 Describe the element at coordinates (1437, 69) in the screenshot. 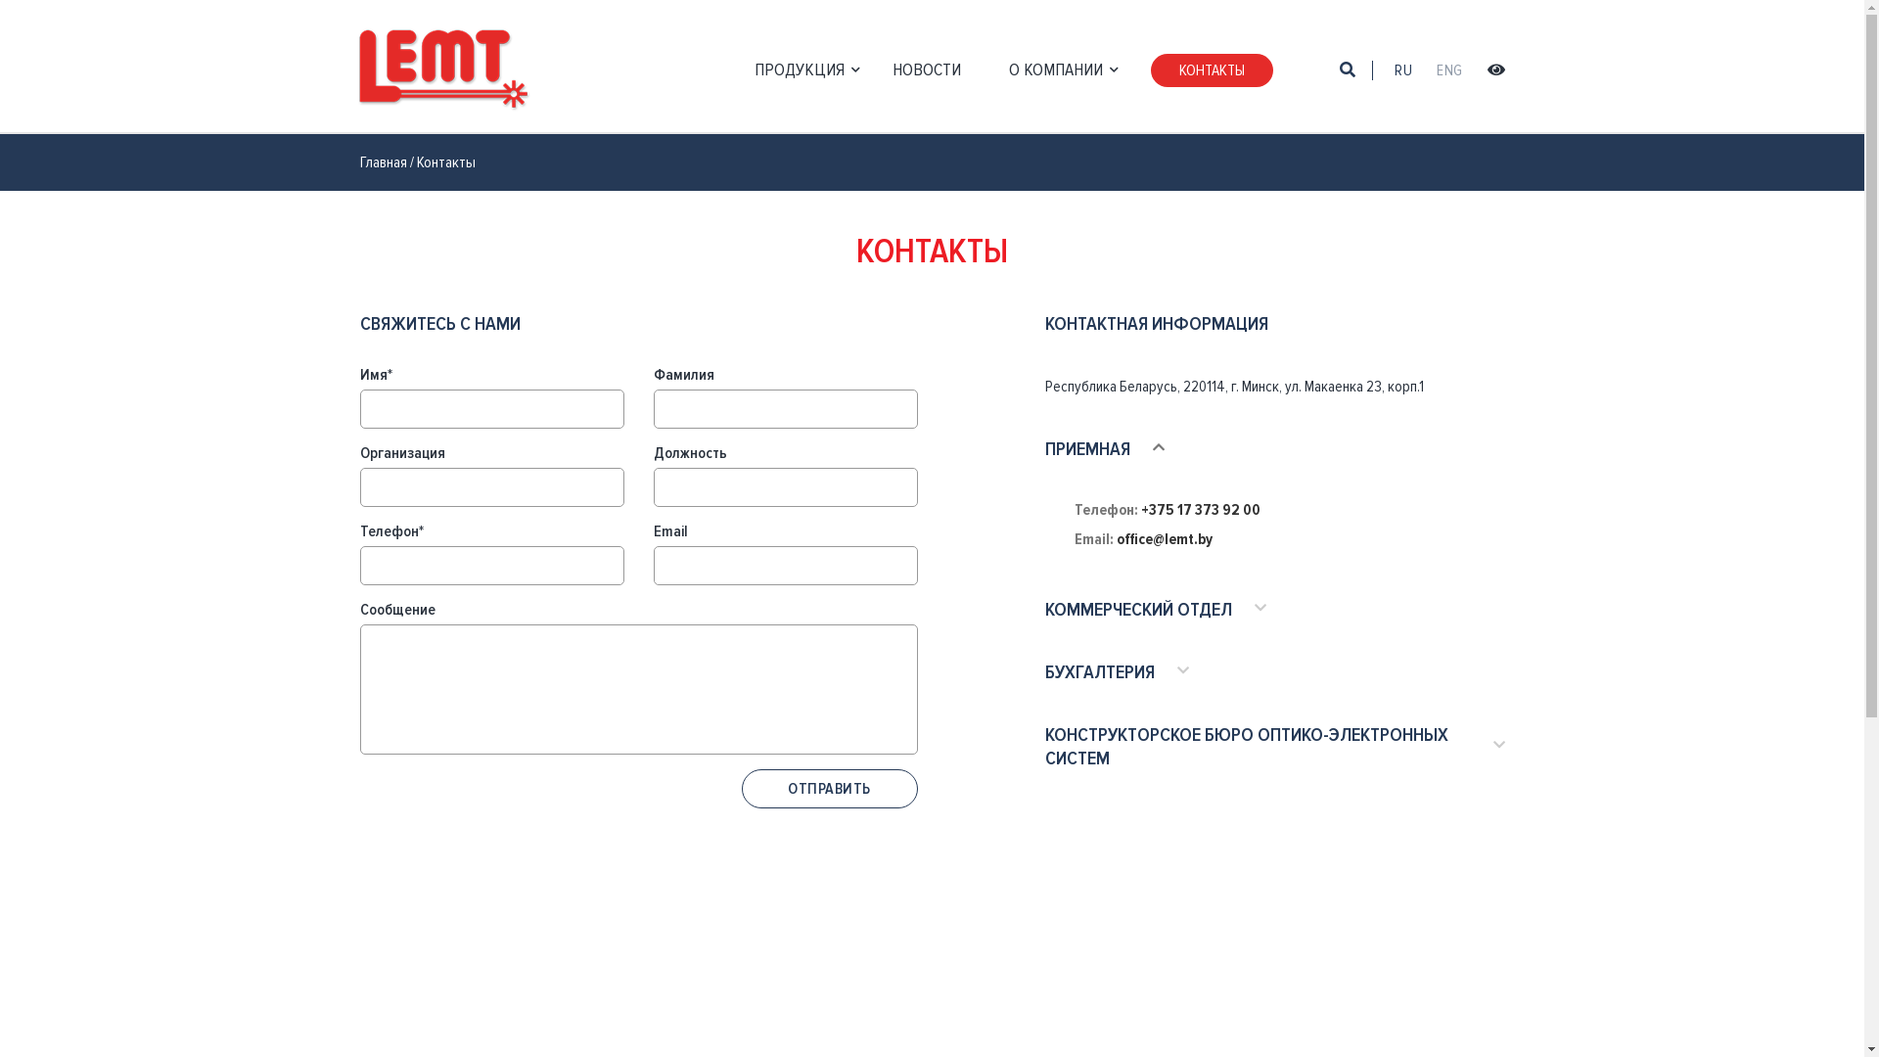

I see `'ENG'` at that location.